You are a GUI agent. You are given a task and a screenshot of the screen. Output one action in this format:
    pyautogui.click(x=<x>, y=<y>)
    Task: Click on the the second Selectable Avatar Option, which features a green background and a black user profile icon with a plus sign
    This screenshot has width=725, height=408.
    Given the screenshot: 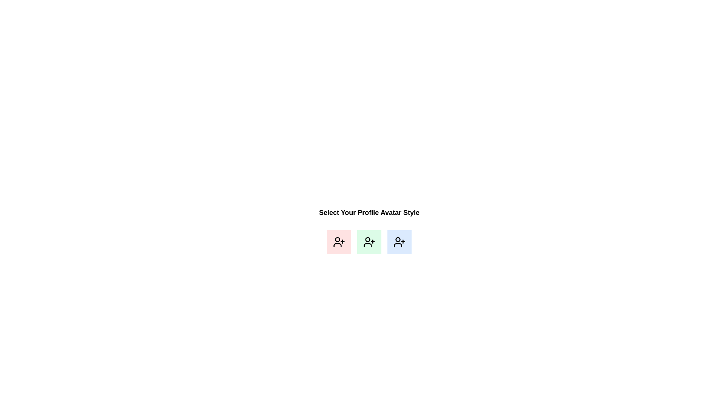 What is the action you would take?
    pyautogui.click(x=369, y=242)
    